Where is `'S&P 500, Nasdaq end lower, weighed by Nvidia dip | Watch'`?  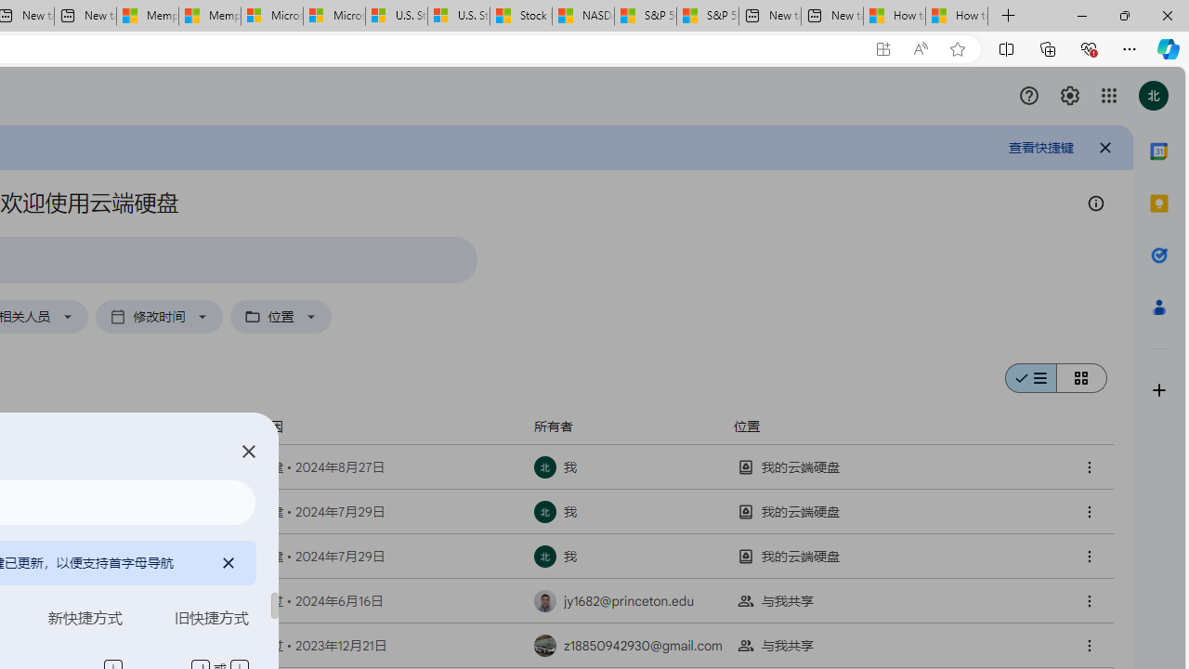 'S&P 500, Nasdaq end lower, weighed by Nvidia dip | Watch' is located at coordinates (706, 16).